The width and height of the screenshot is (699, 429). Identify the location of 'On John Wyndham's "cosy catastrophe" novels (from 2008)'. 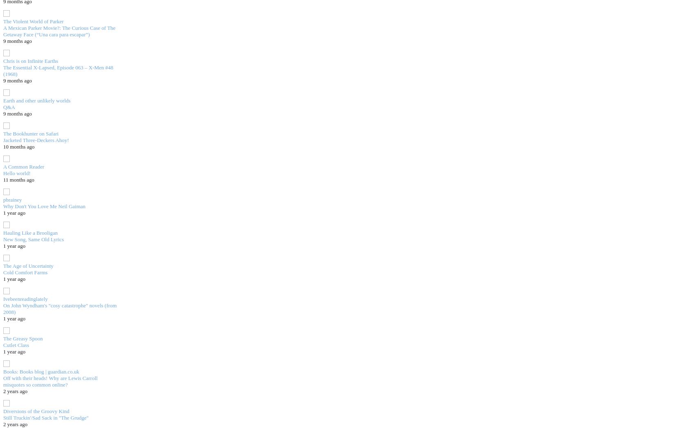
(59, 308).